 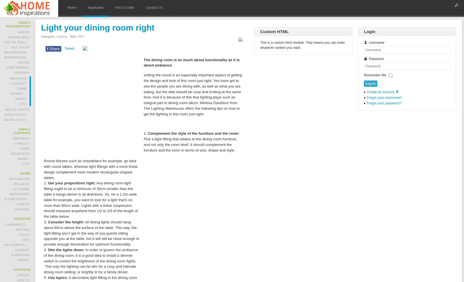 What do you see at coordinates (27, 114) in the screenshot?
I see `'Gods creation in the wild'` at bounding box center [27, 114].